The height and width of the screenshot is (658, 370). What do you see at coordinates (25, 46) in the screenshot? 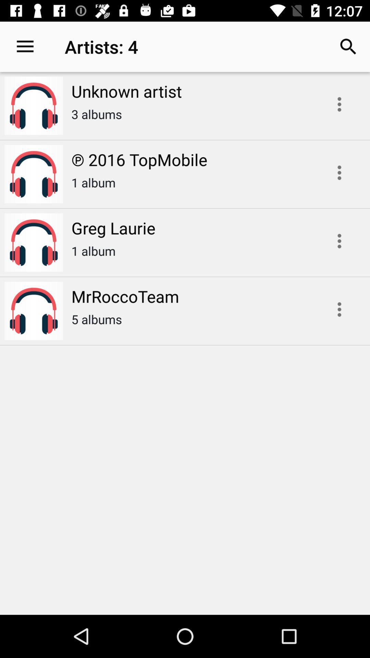
I see `icon to the left of the unknown artist item` at bounding box center [25, 46].